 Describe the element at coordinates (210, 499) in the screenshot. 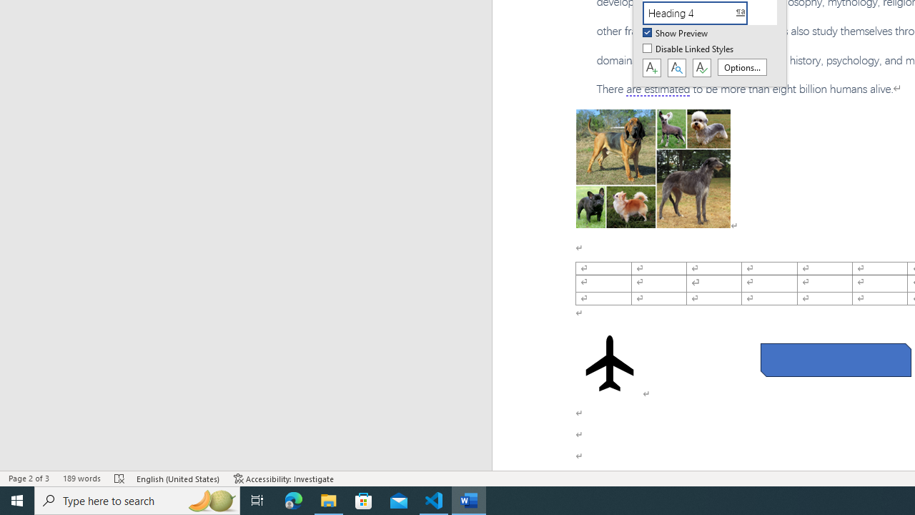

I see `'Search highlights icon opens search home window'` at that location.